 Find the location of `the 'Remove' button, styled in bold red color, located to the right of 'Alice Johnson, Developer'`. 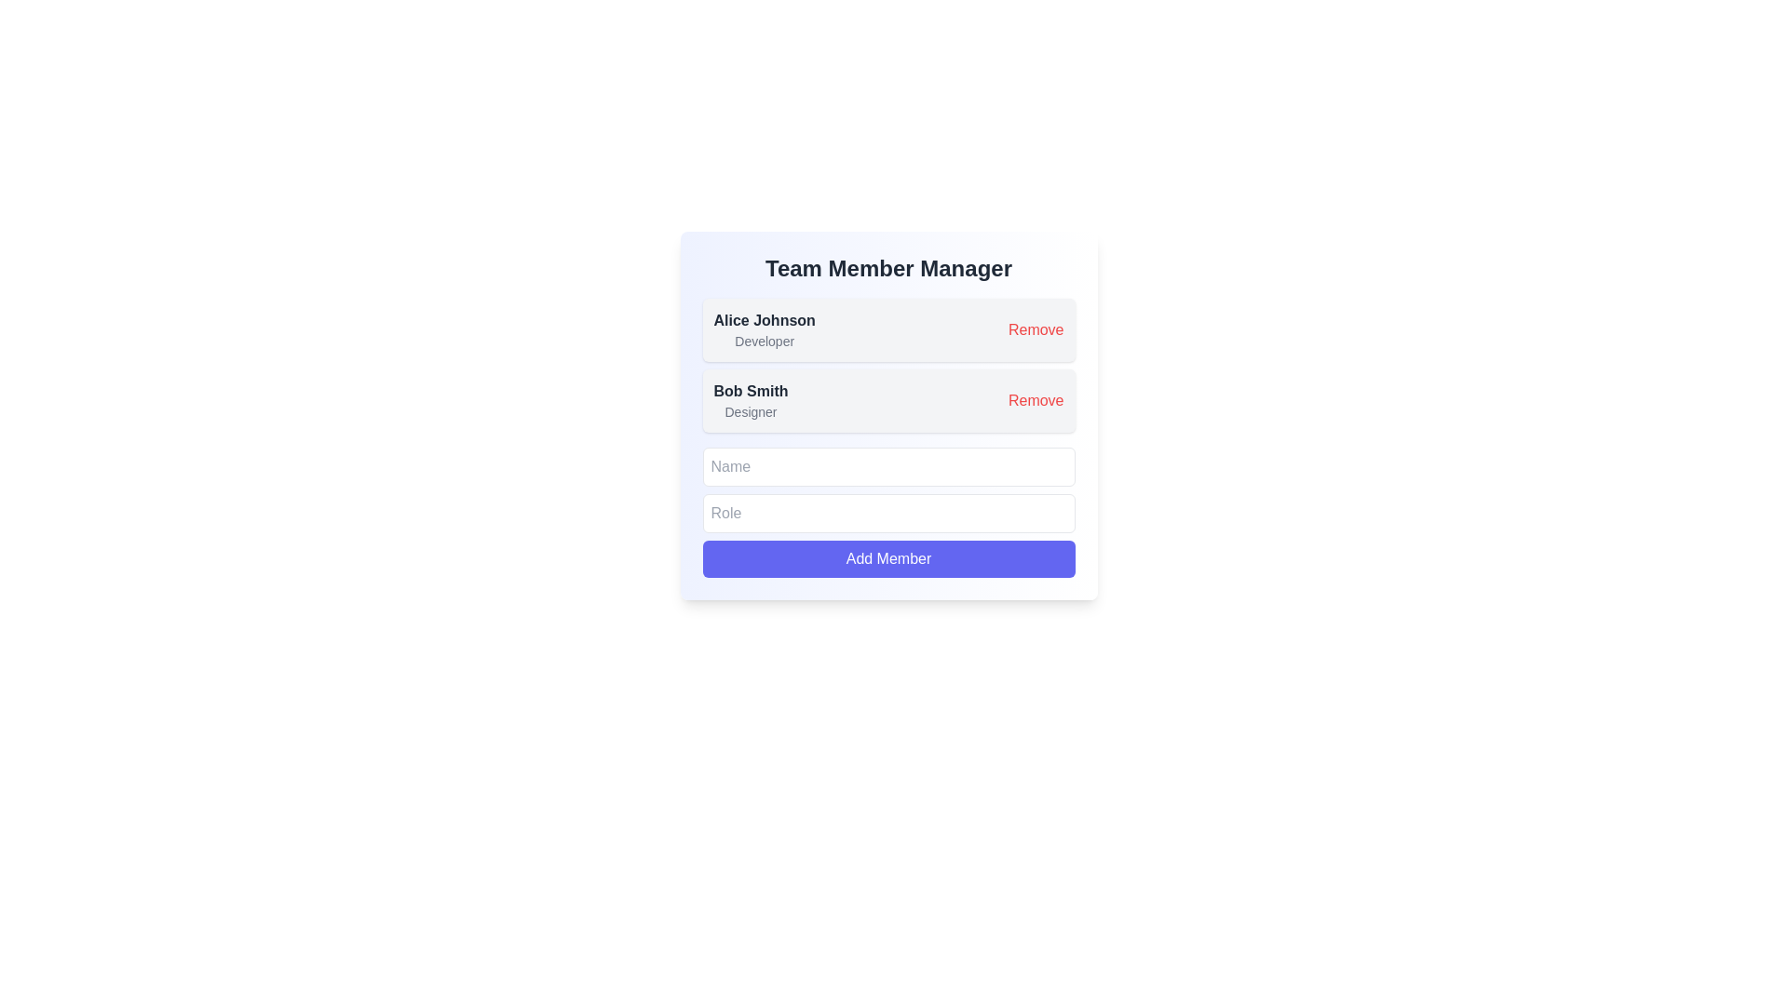

the 'Remove' button, styled in bold red color, located to the right of 'Alice Johnson, Developer' is located at coordinates (1035, 328).